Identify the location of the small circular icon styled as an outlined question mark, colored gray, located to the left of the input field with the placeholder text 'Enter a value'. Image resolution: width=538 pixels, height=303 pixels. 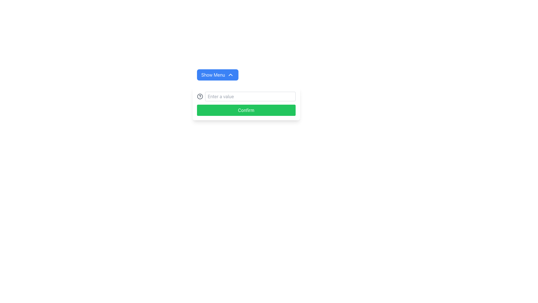
(200, 96).